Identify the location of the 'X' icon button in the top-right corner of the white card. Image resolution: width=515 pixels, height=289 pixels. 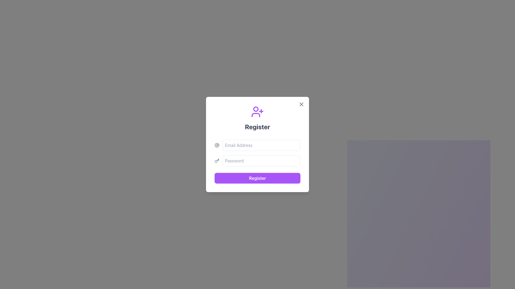
(301, 104).